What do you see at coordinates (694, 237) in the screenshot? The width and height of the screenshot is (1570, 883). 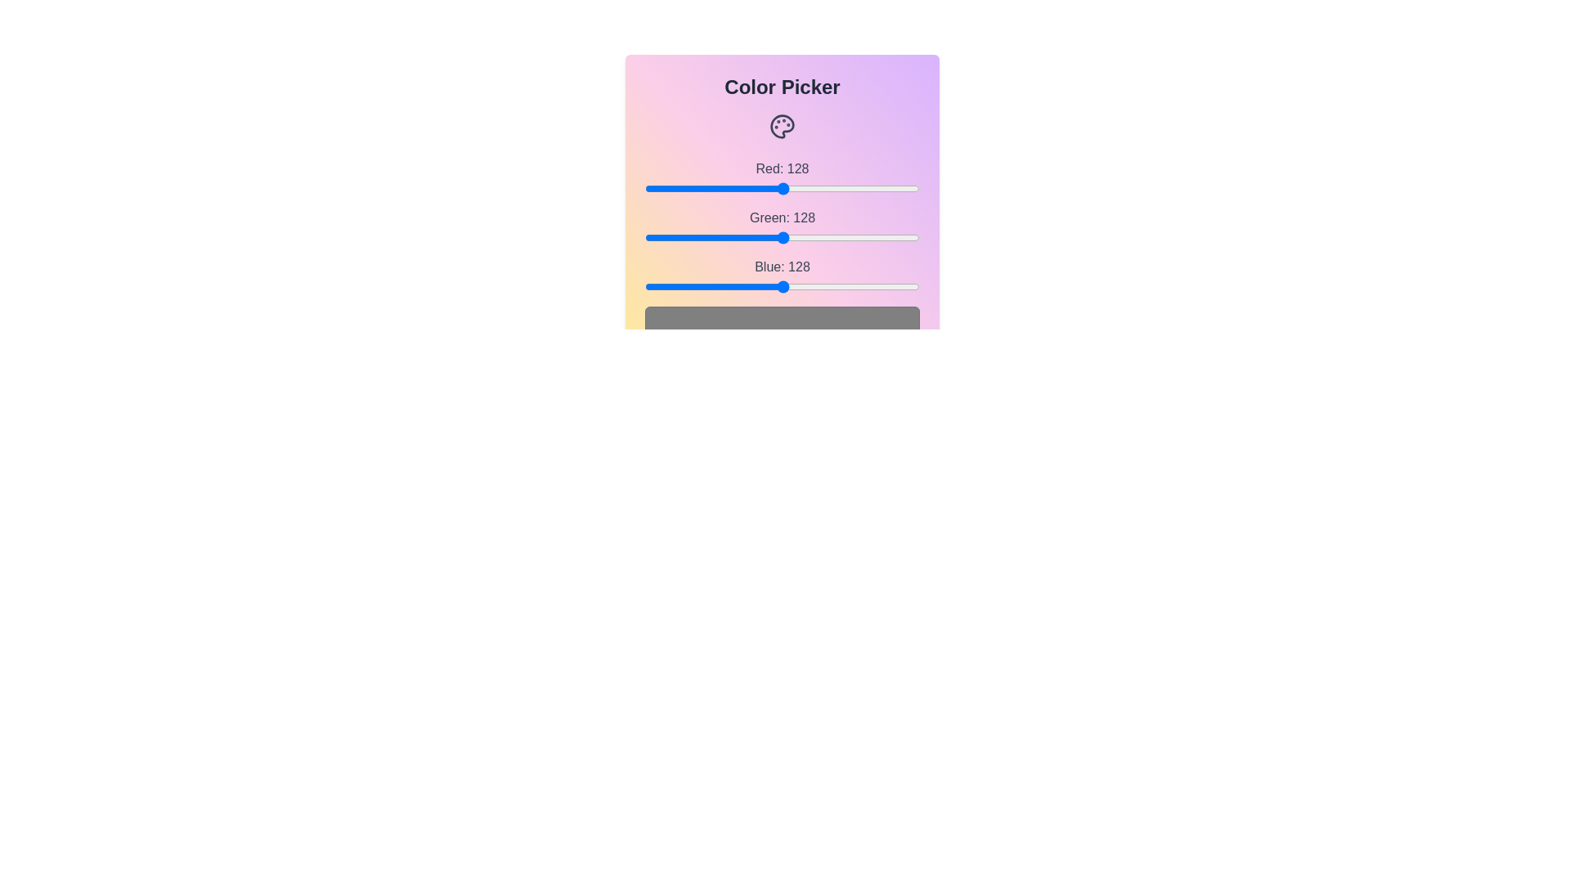 I see `the green slider to set the green channel value to 46` at bounding box center [694, 237].